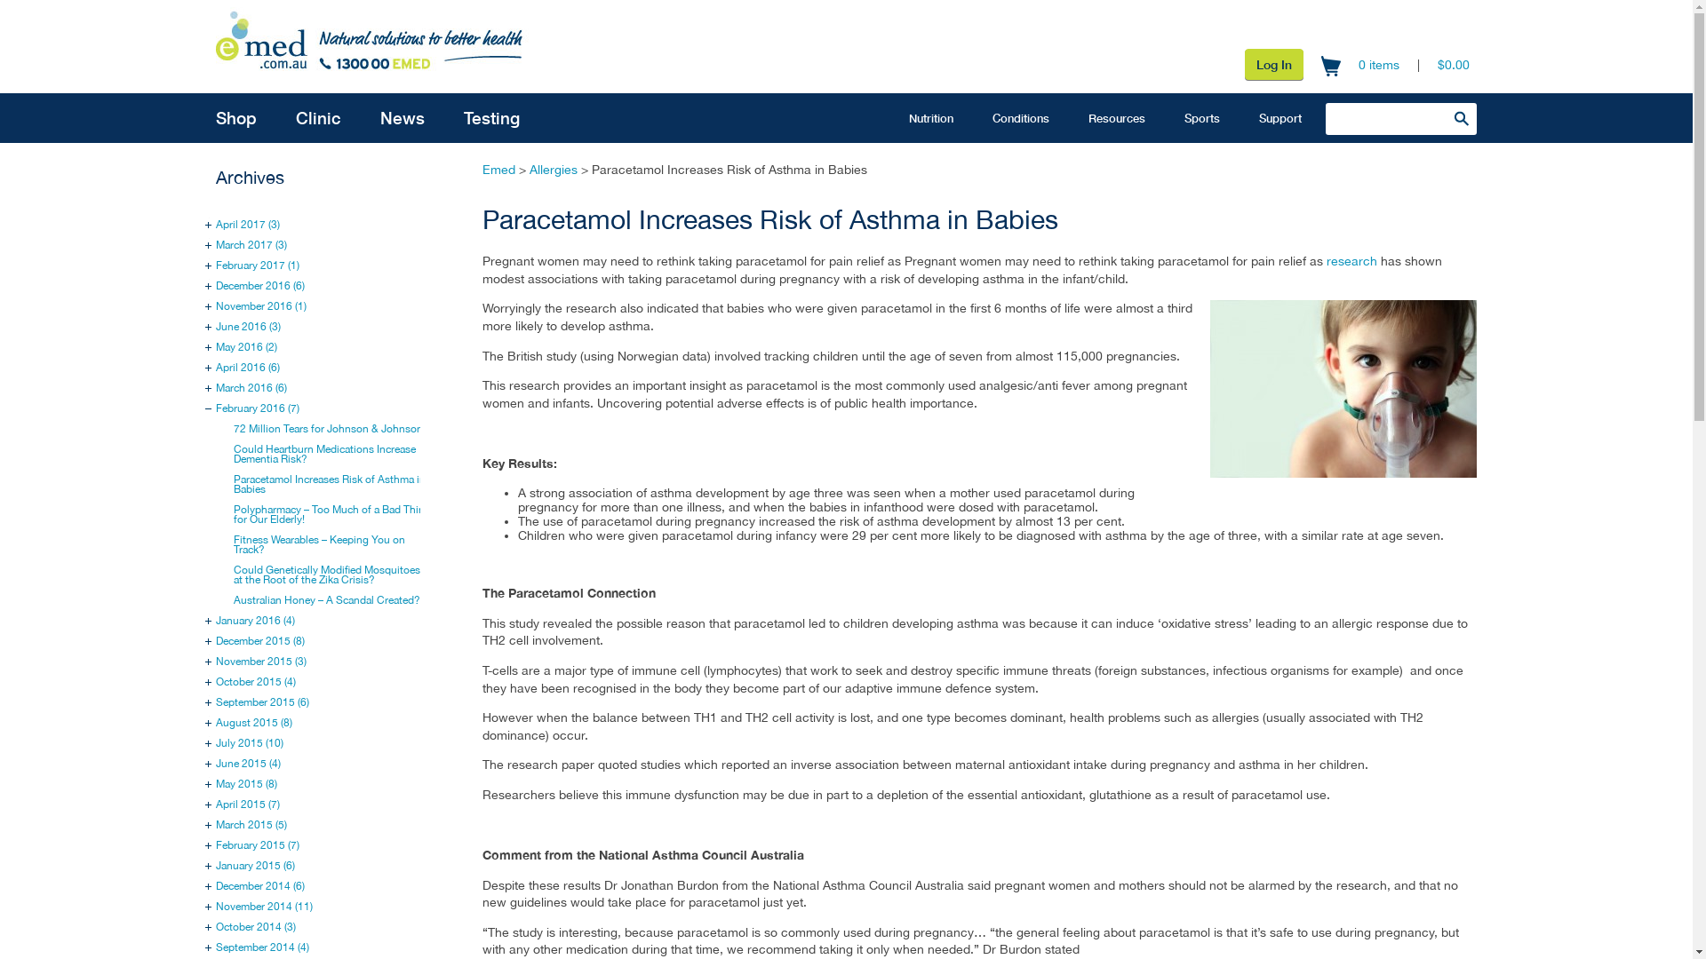 The height and width of the screenshot is (959, 1706). I want to click on 'Nutrition', so click(929, 117).